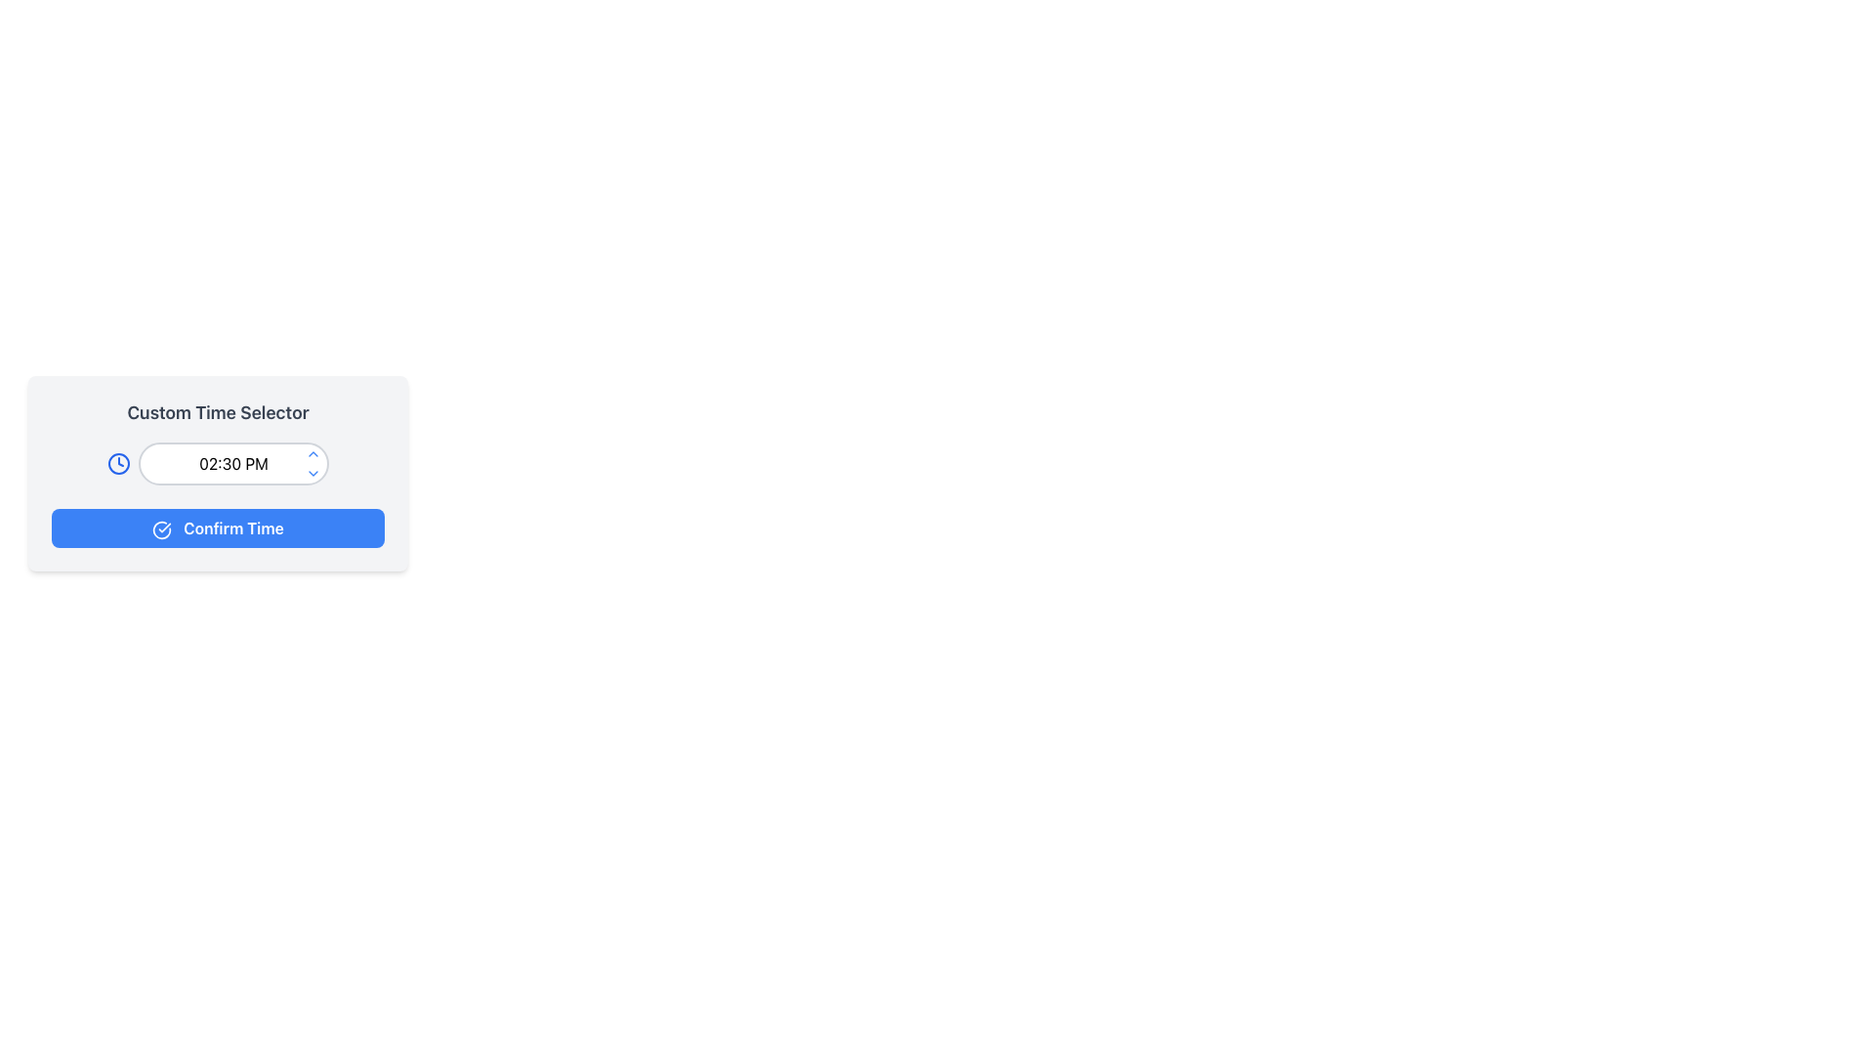 This screenshot has width=1875, height=1055. Describe the element at coordinates (218, 533) in the screenshot. I see `the 'Confirm Time' button located at the bottom of the 'Custom Time Selector' panel which includes a time input field and a heading` at that location.